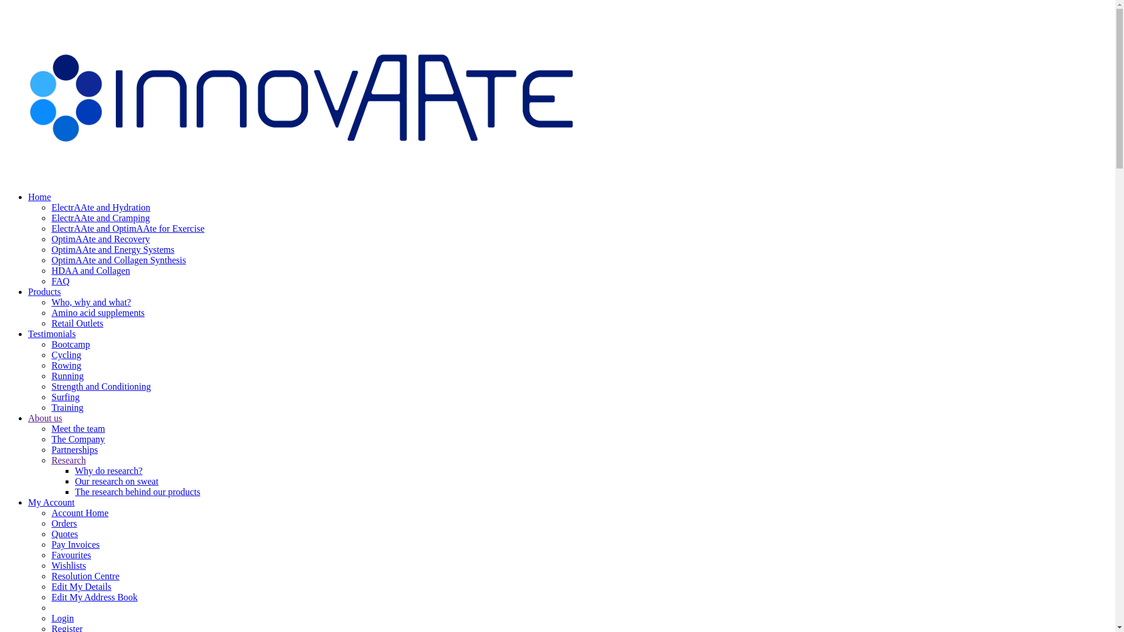  Describe the element at coordinates (50, 249) in the screenshot. I see `'OptimAAte and Energy Systems'` at that location.